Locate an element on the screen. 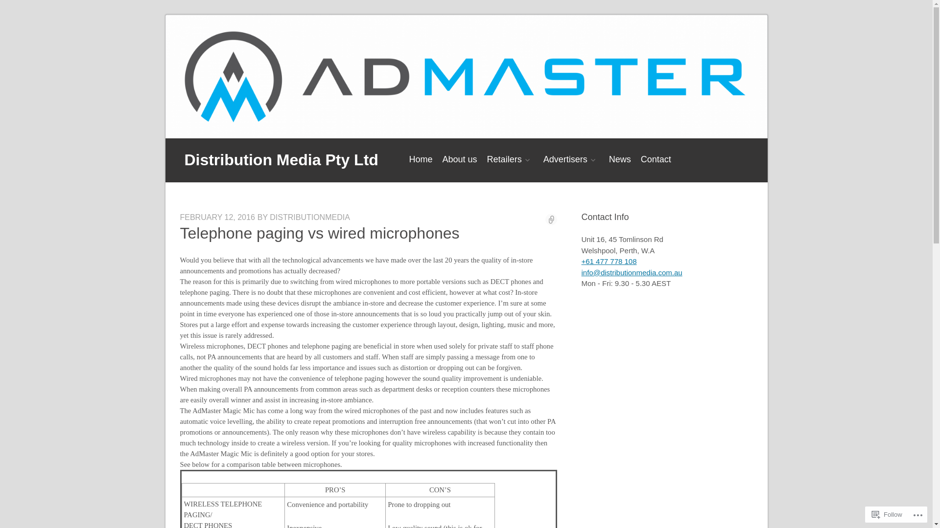 This screenshot has height=528, width=940. 'Retailers' is located at coordinates (510, 159).